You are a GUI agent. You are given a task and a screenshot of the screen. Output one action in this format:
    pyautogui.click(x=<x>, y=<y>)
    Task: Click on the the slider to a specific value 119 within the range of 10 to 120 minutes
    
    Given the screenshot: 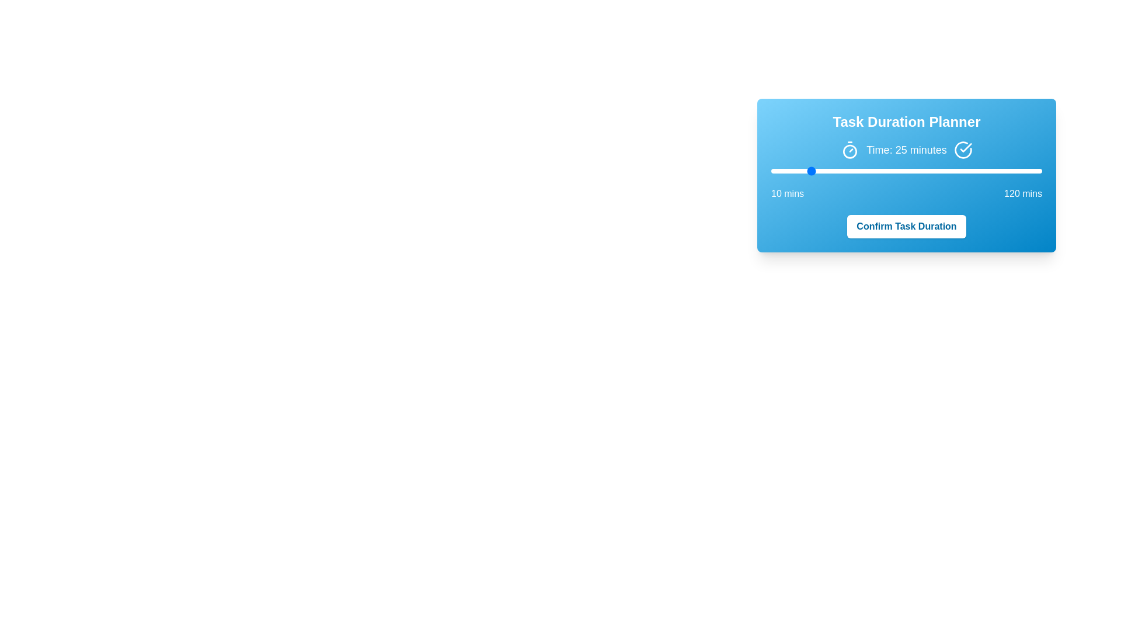 What is the action you would take?
    pyautogui.click(x=1039, y=171)
    